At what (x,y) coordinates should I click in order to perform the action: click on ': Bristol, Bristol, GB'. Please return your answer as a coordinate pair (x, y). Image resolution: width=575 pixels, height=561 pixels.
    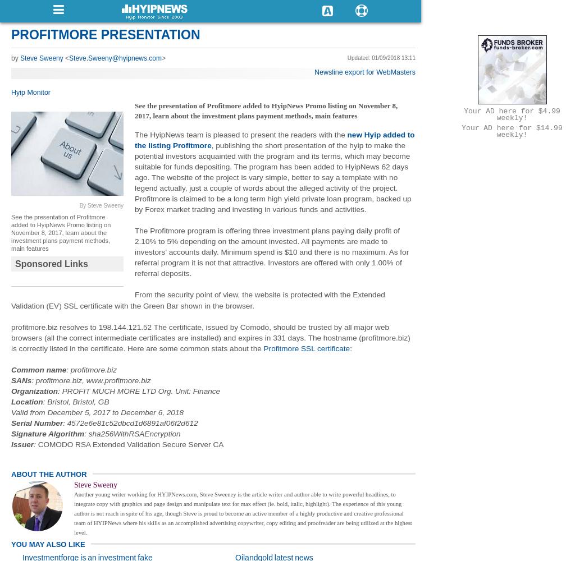
    Looking at the image, I should click on (75, 401).